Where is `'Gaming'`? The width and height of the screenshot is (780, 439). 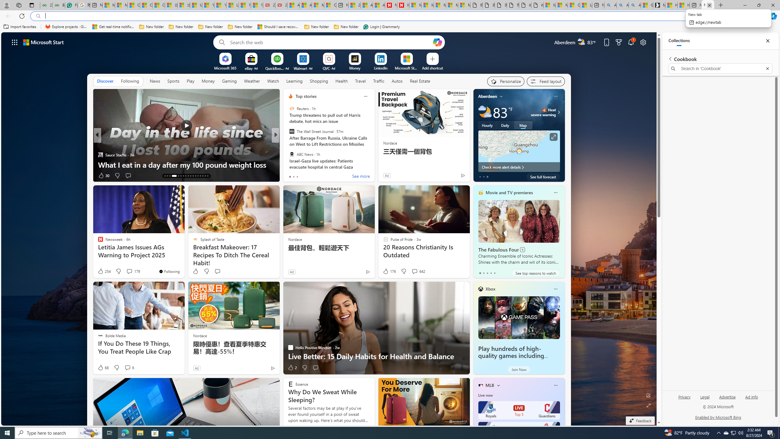
'Gaming' is located at coordinates (229, 80).